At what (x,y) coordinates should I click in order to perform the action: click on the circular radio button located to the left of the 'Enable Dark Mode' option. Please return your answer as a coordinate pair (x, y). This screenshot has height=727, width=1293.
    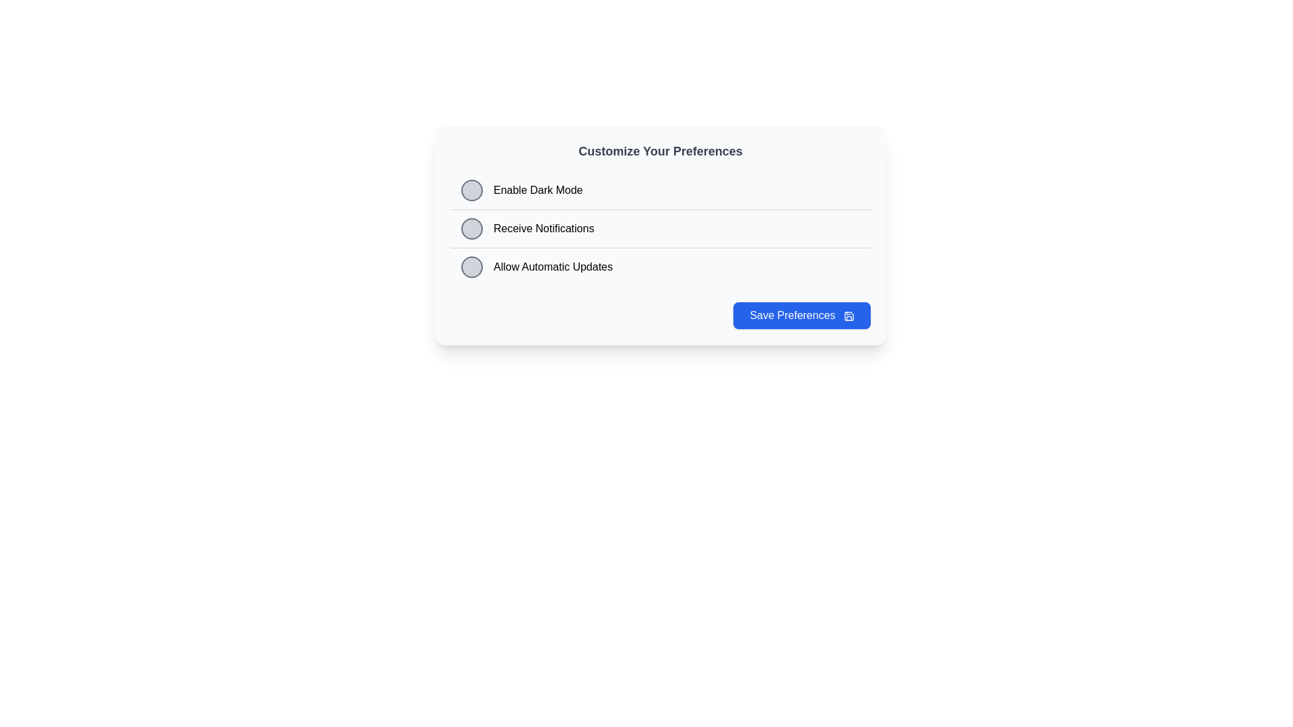
    Looking at the image, I should click on (471, 190).